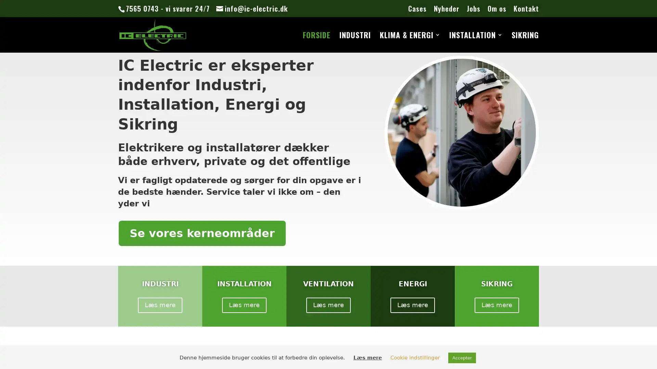 Image resolution: width=657 pixels, height=369 pixels. I want to click on Accepter, so click(462, 357).